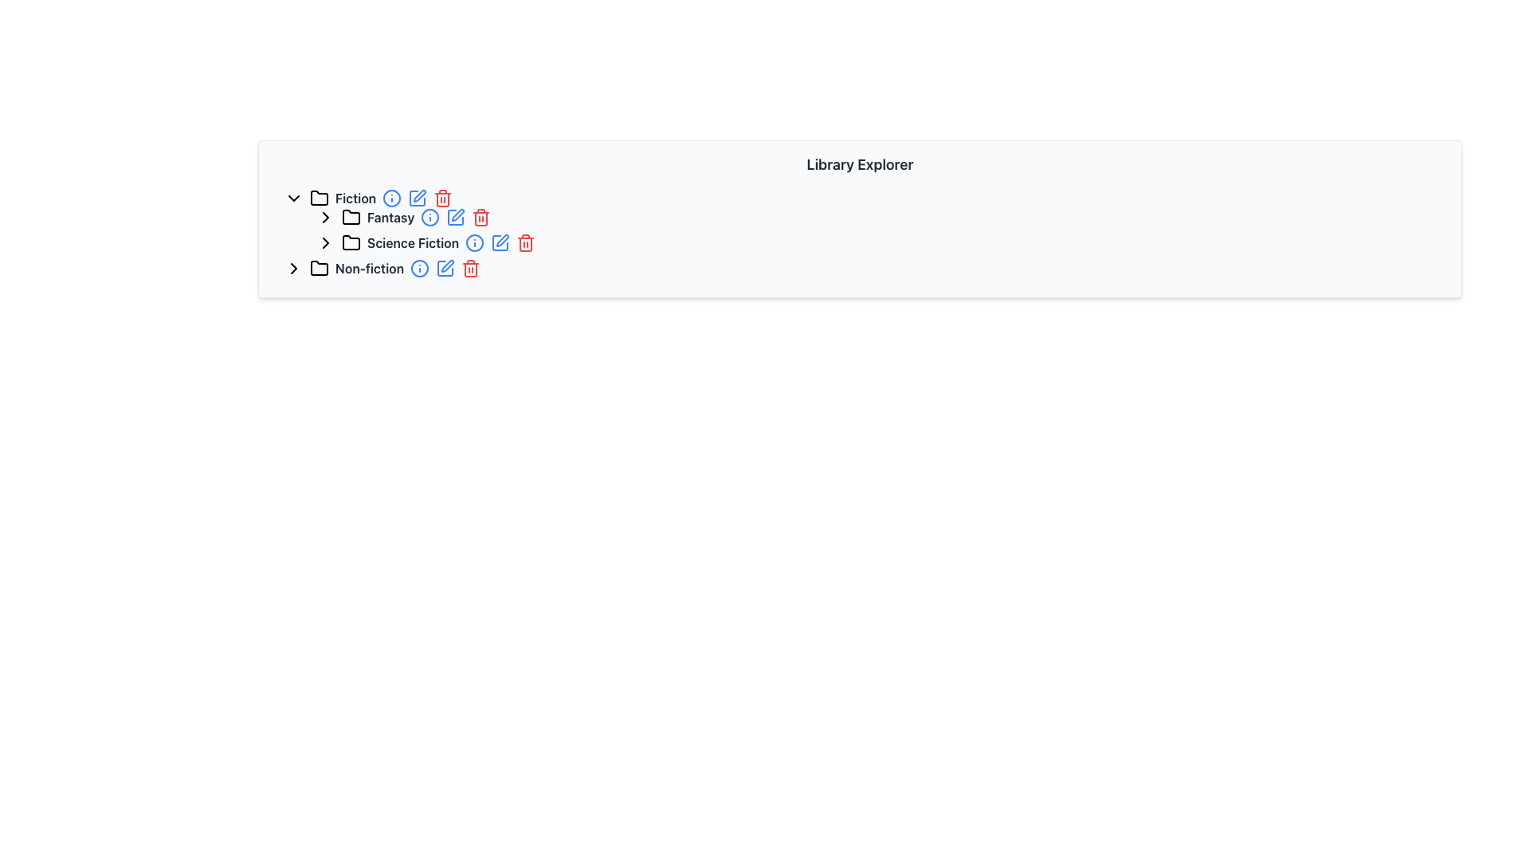  Describe the element at coordinates (324, 242) in the screenshot. I see `the Collapsible Tree View Arrow located to the left of the 'Science Fiction' text to provide visual feedback` at that location.